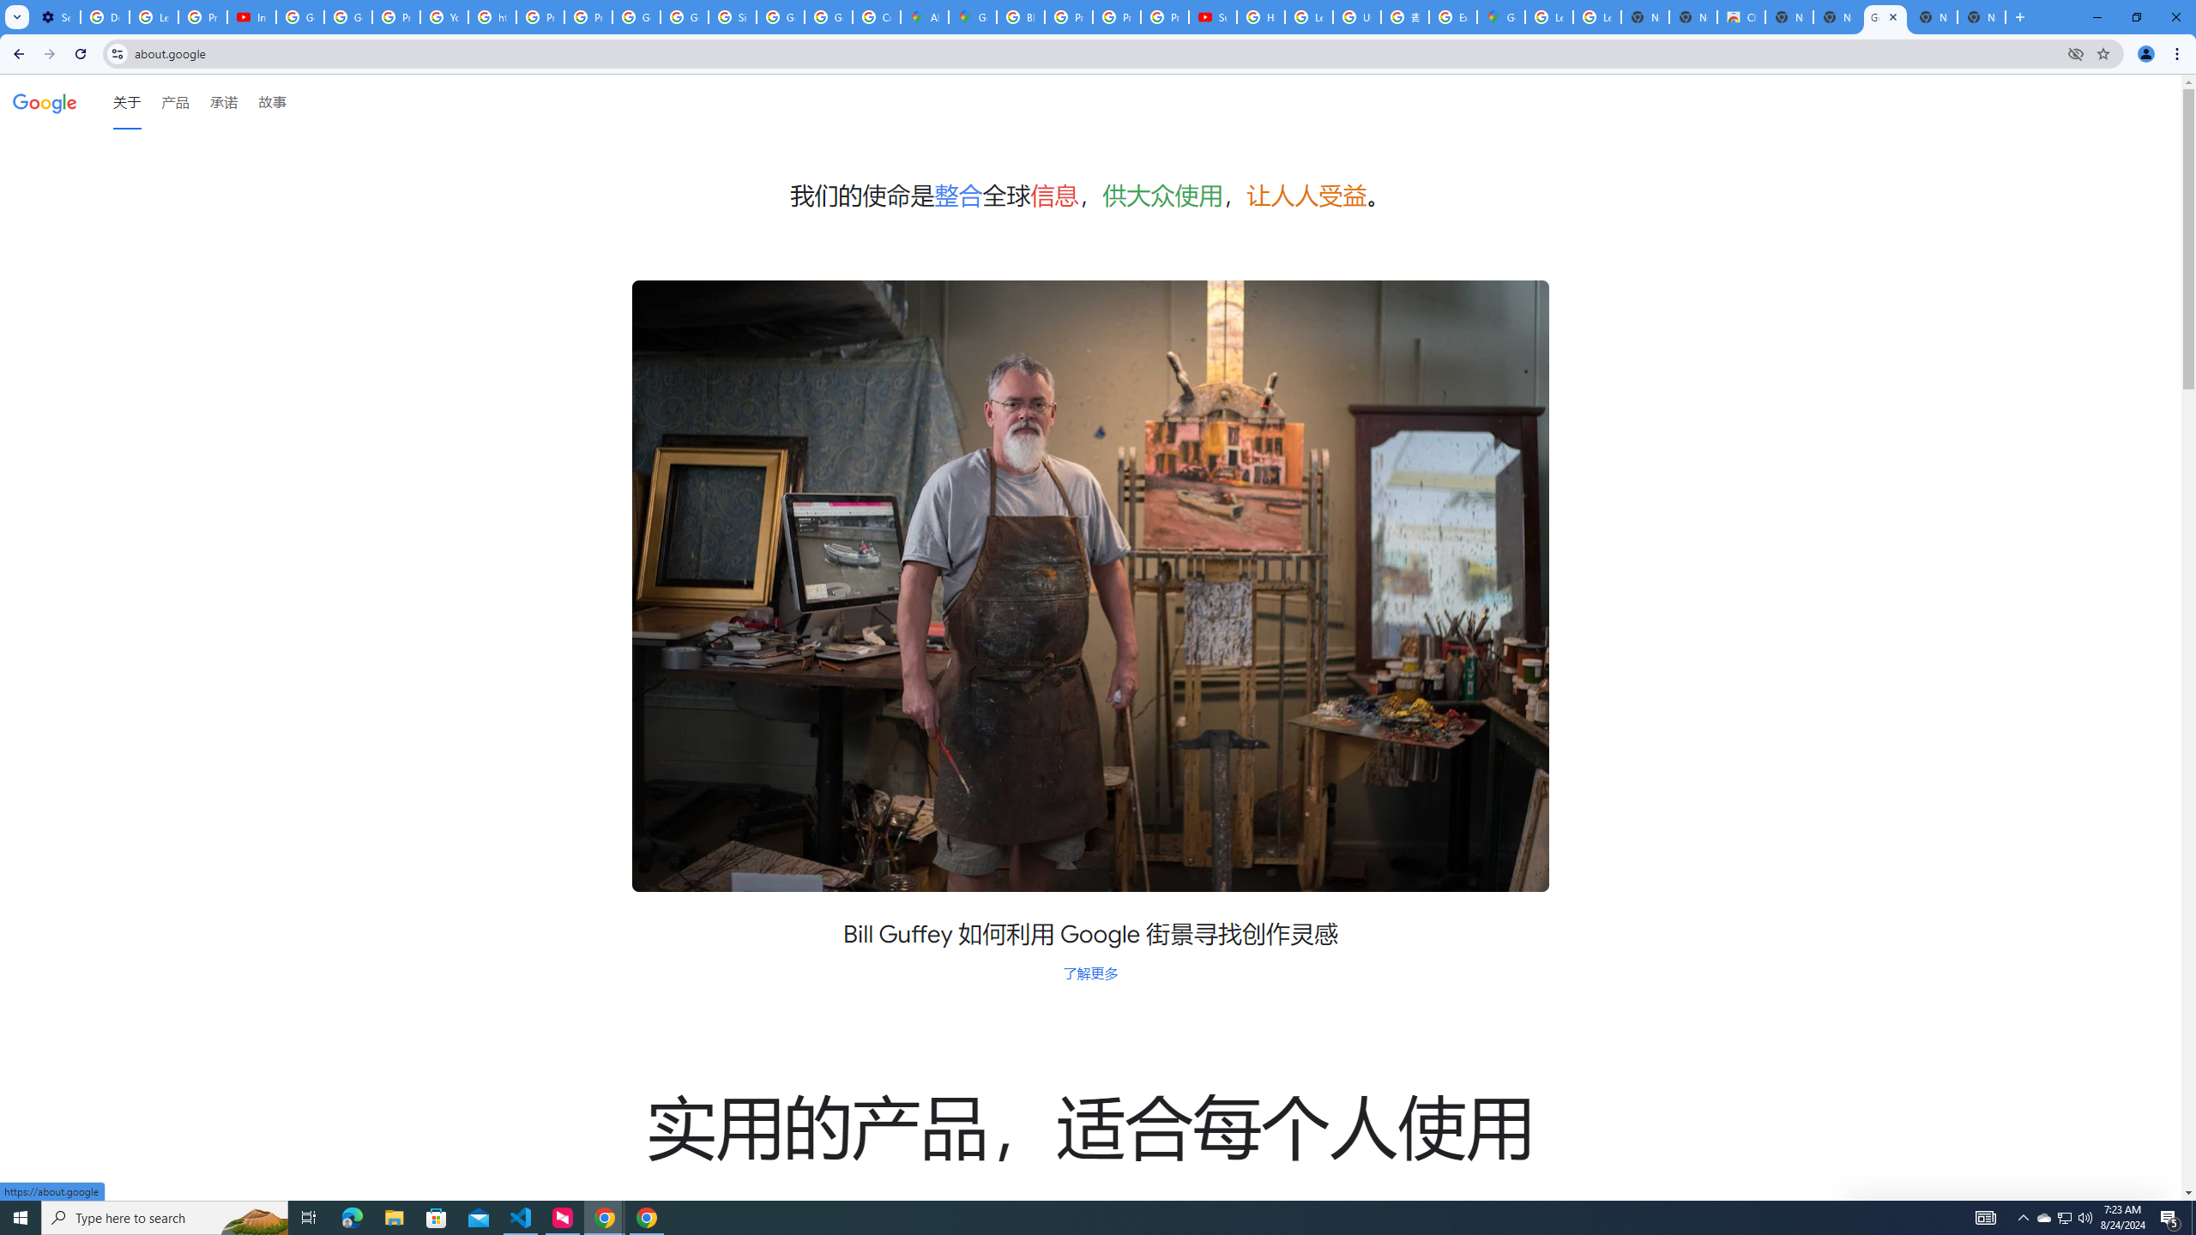 The width and height of the screenshot is (2196, 1235). Describe the element at coordinates (443, 16) in the screenshot. I see `'YouTube'` at that location.